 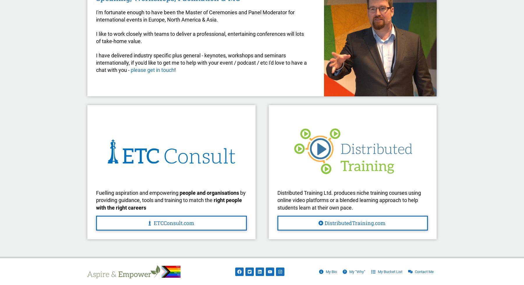 What do you see at coordinates (95, 37) in the screenshot?
I see `'I like to work closely with teams to deliver a professional, entertaining conferences will lots of take-home value.'` at bounding box center [95, 37].